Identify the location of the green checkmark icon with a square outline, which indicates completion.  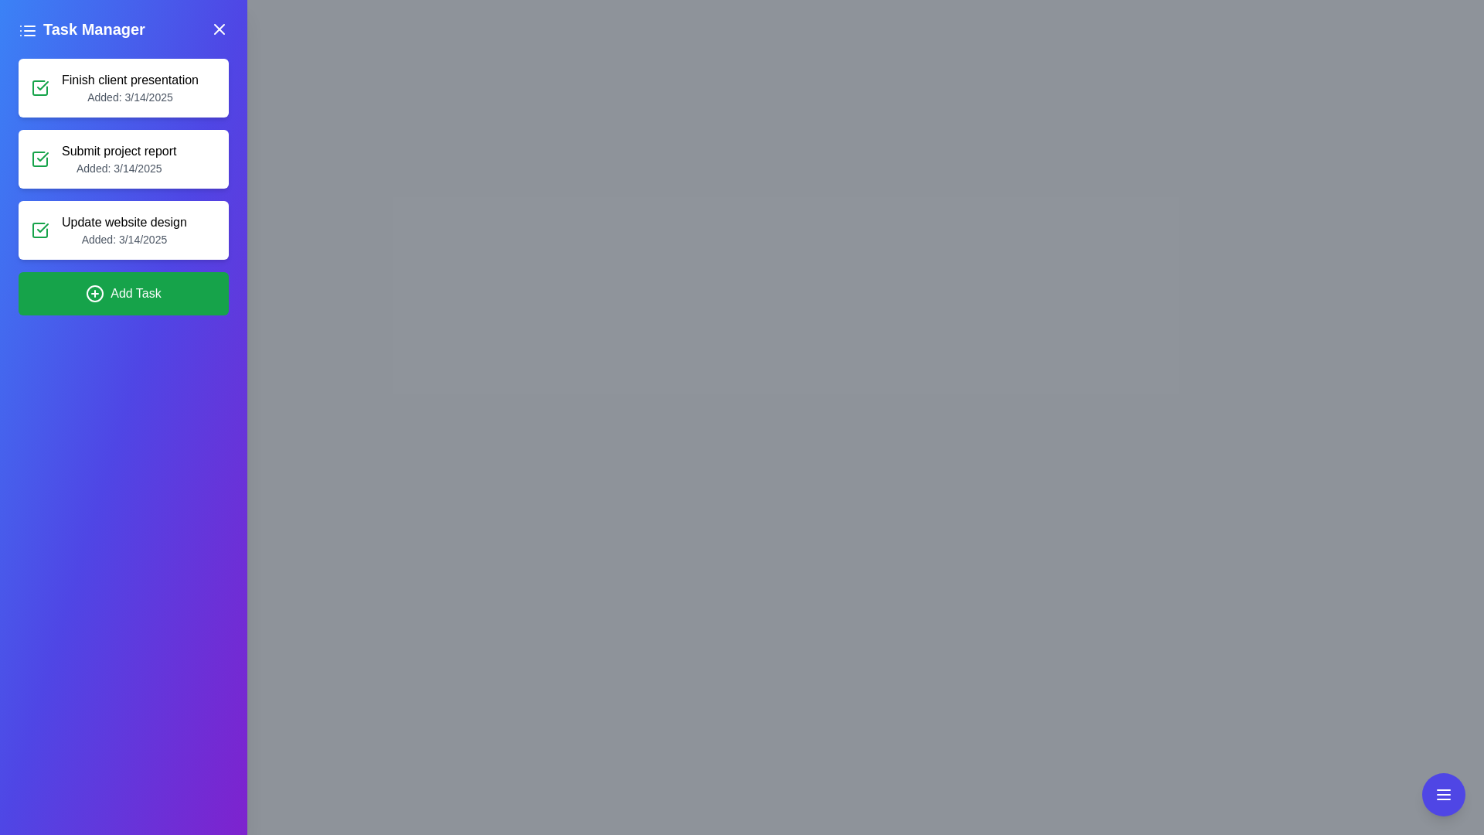
(40, 230).